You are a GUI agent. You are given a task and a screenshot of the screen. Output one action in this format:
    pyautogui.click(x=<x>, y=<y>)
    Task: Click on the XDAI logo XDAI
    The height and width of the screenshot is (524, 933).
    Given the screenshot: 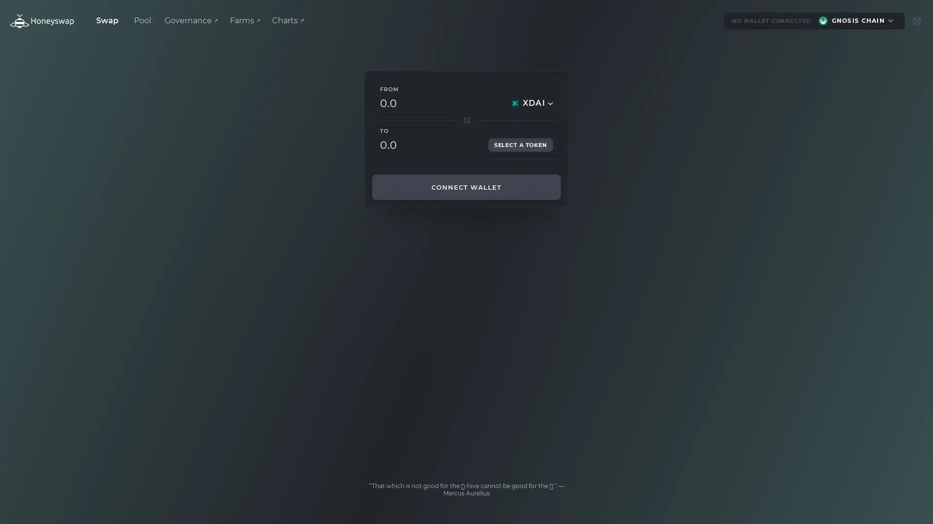 What is the action you would take?
    pyautogui.click(x=531, y=103)
    